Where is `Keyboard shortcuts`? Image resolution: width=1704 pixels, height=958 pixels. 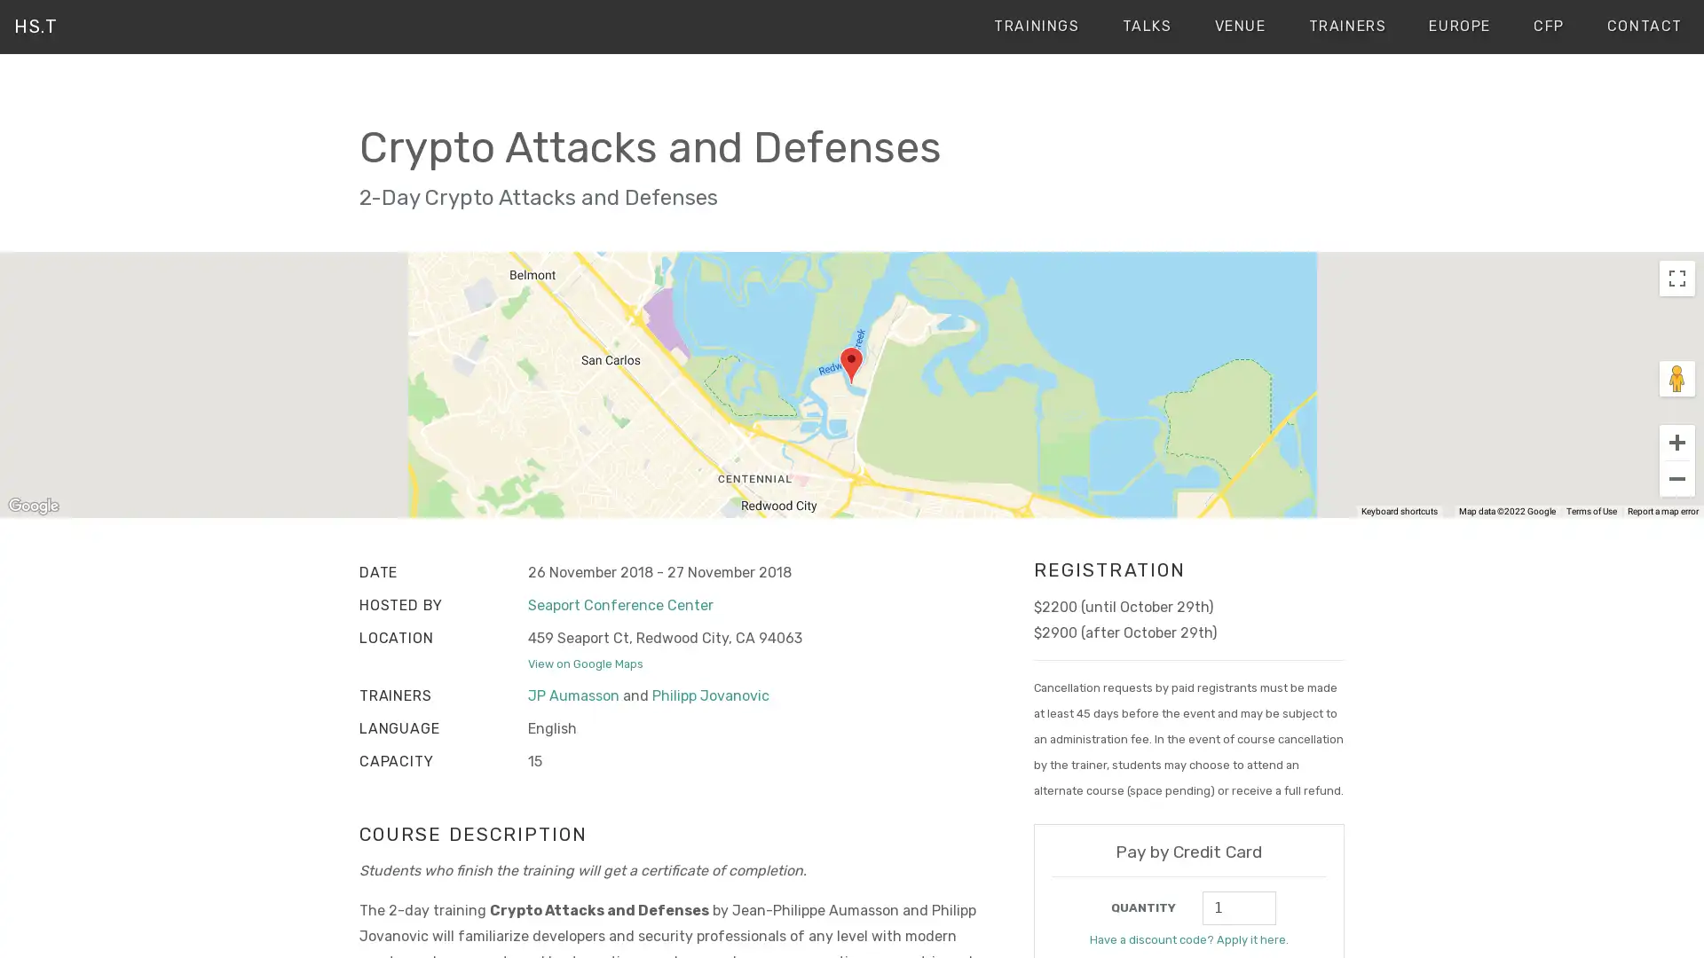
Keyboard shortcuts is located at coordinates (1408, 512).